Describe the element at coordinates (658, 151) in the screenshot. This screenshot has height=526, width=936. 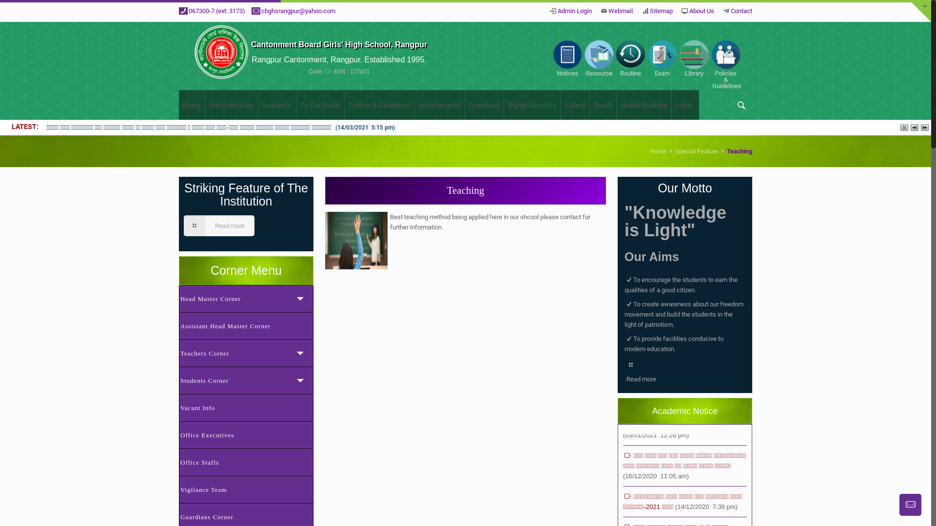
I see `'Home'` at that location.